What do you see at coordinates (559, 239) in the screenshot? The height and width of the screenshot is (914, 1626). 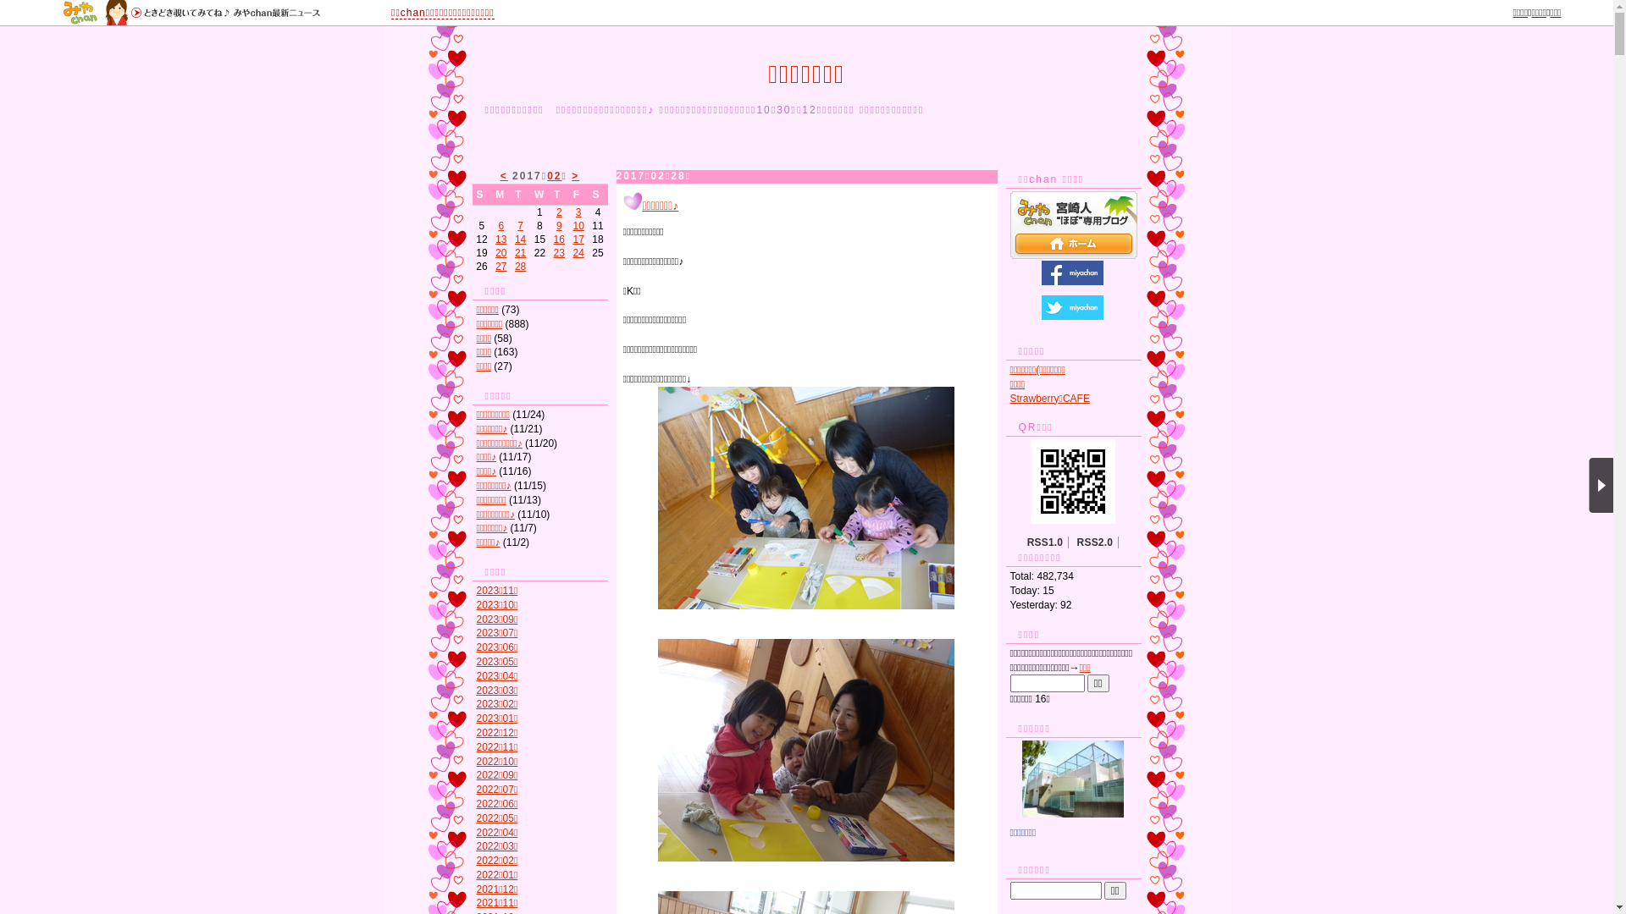 I see `'16'` at bounding box center [559, 239].